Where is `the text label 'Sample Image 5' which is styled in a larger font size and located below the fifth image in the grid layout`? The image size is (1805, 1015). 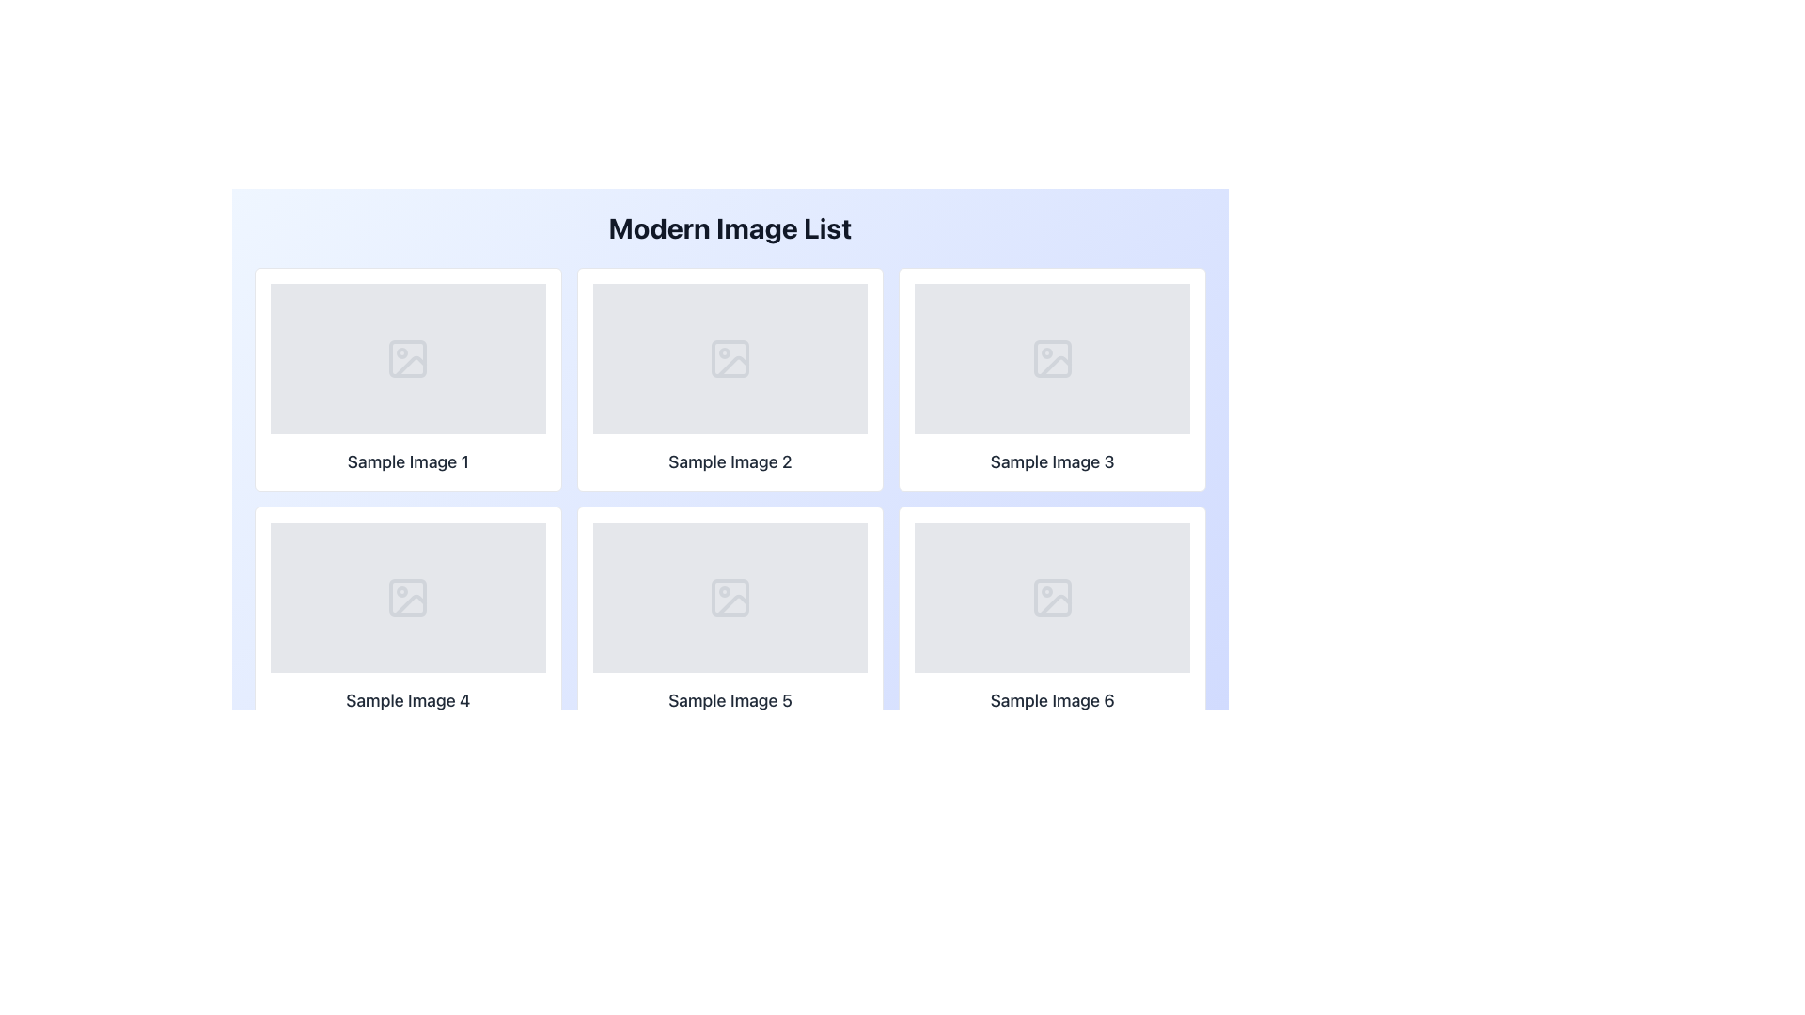 the text label 'Sample Image 5' which is styled in a larger font size and located below the fifth image in the grid layout is located at coordinates (730, 700).